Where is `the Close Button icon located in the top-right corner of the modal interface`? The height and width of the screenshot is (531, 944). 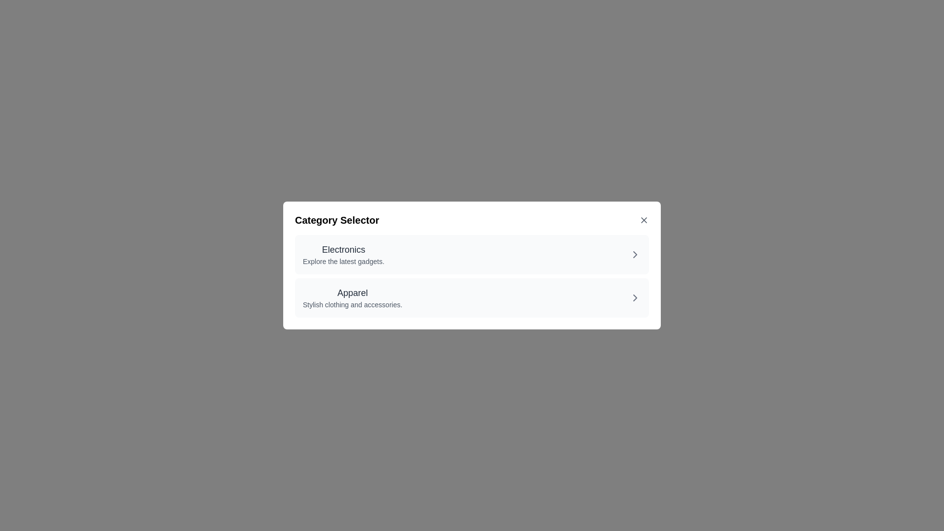
the Close Button icon located in the top-right corner of the modal interface is located at coordinates (644, 219).